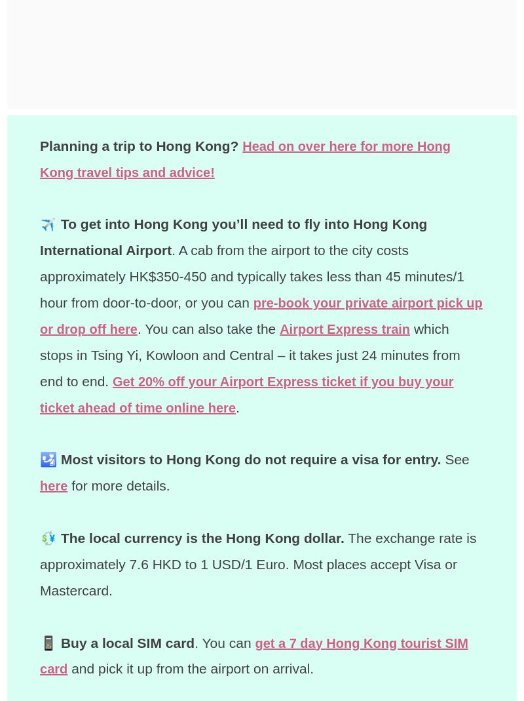 The height and width of the screenshot is (701, 524). Describe the element at coordinates (455, 458) in the screenshot. I see `'See'` at that location.